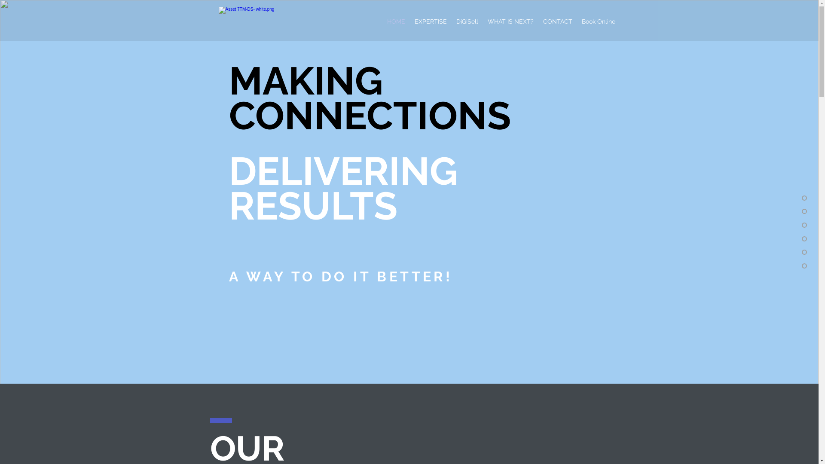  What do you see at coordinates (483, 21) in the screenshot?
I see `'WHAT IS NEXT?'` at bounding box center [483, 21].